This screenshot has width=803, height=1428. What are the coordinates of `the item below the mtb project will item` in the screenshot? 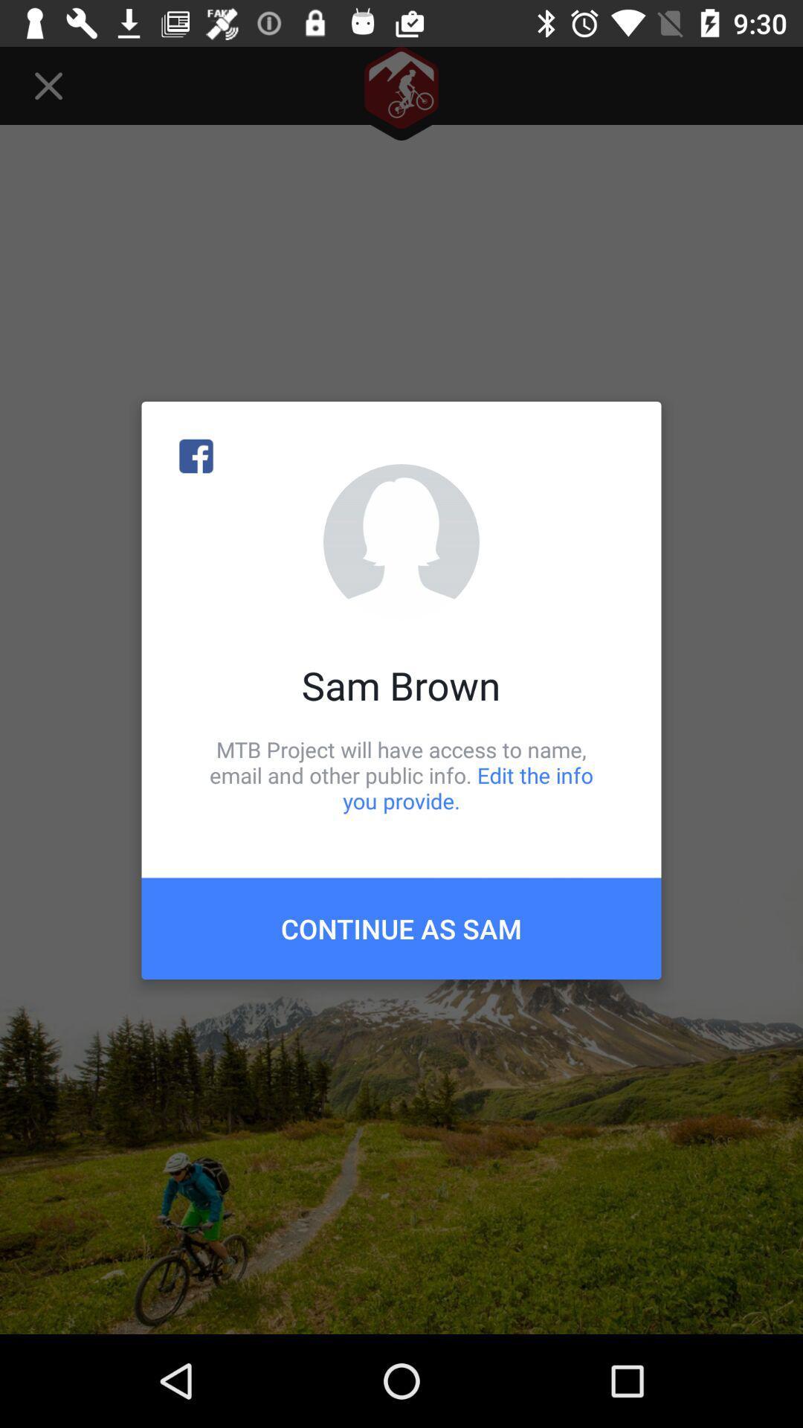 It's located at (401, 927).